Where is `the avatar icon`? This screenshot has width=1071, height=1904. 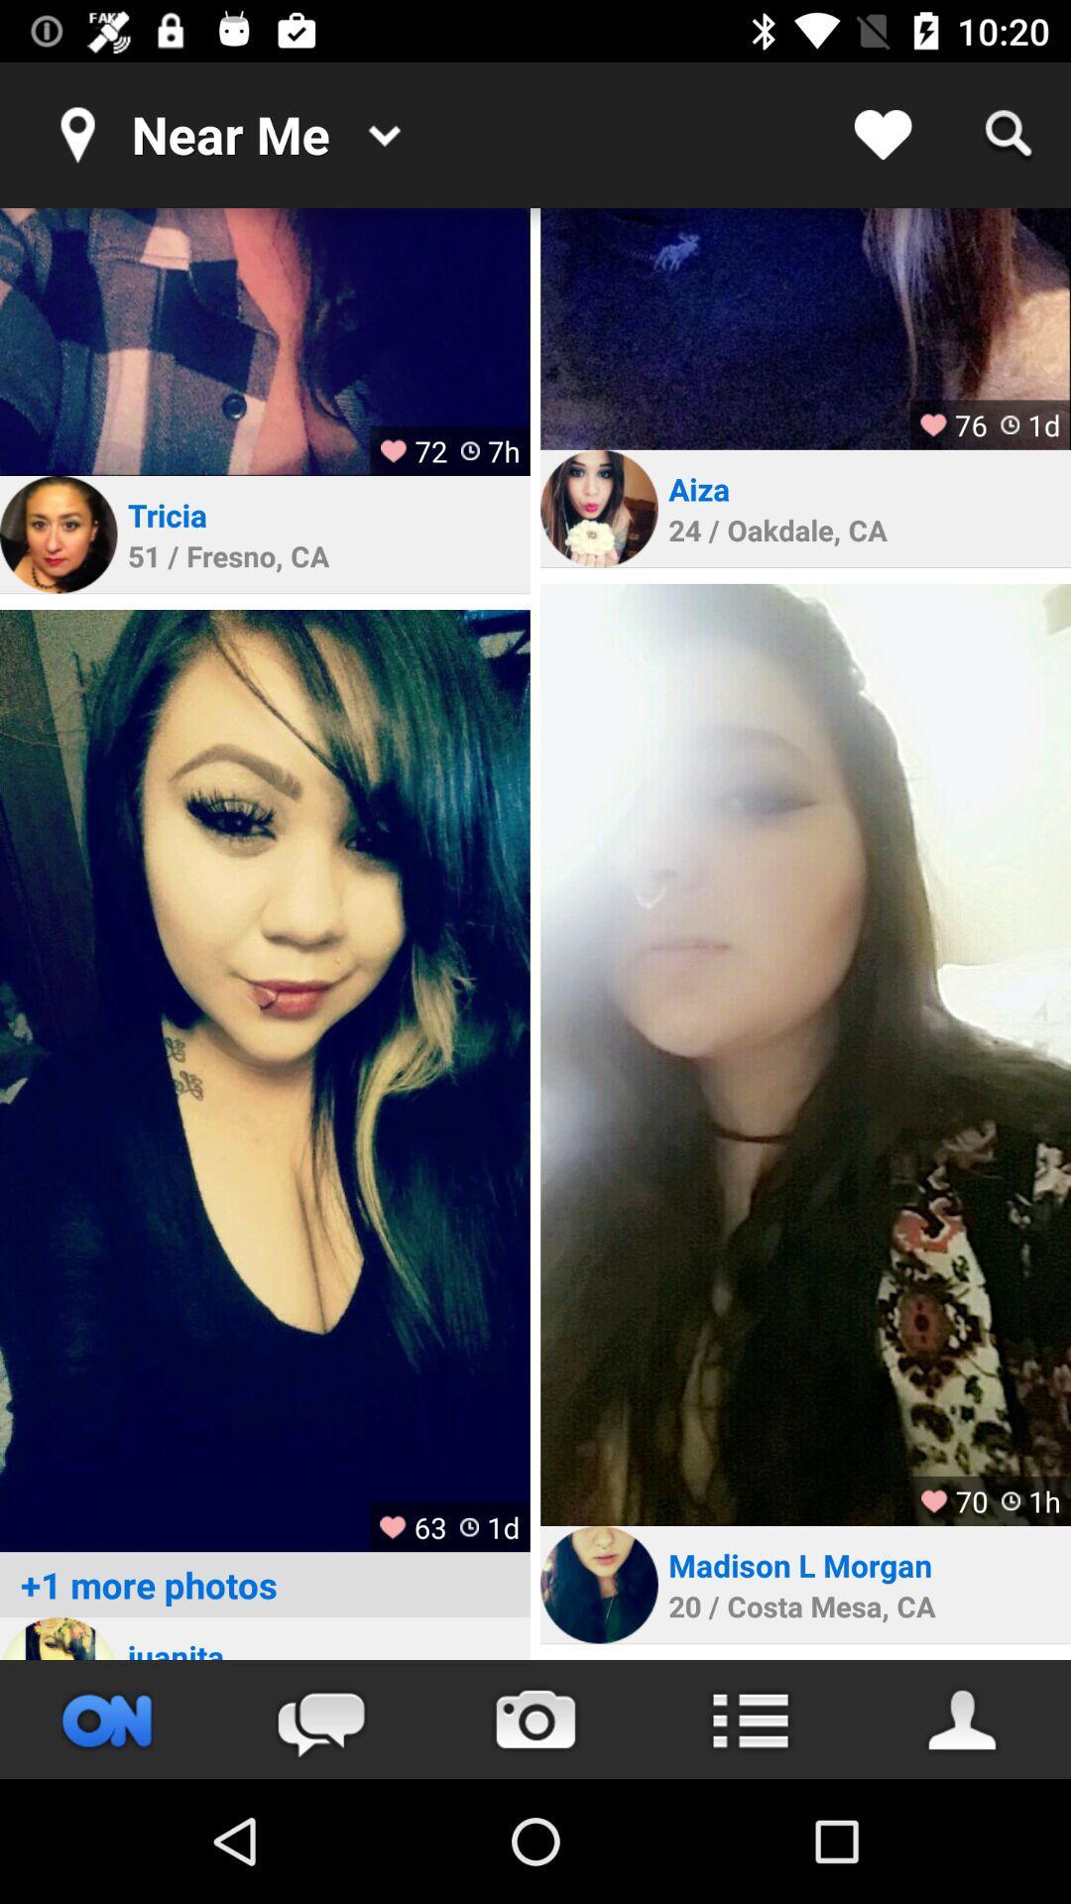 the avatar icon is located at coordinates (963, 1719).